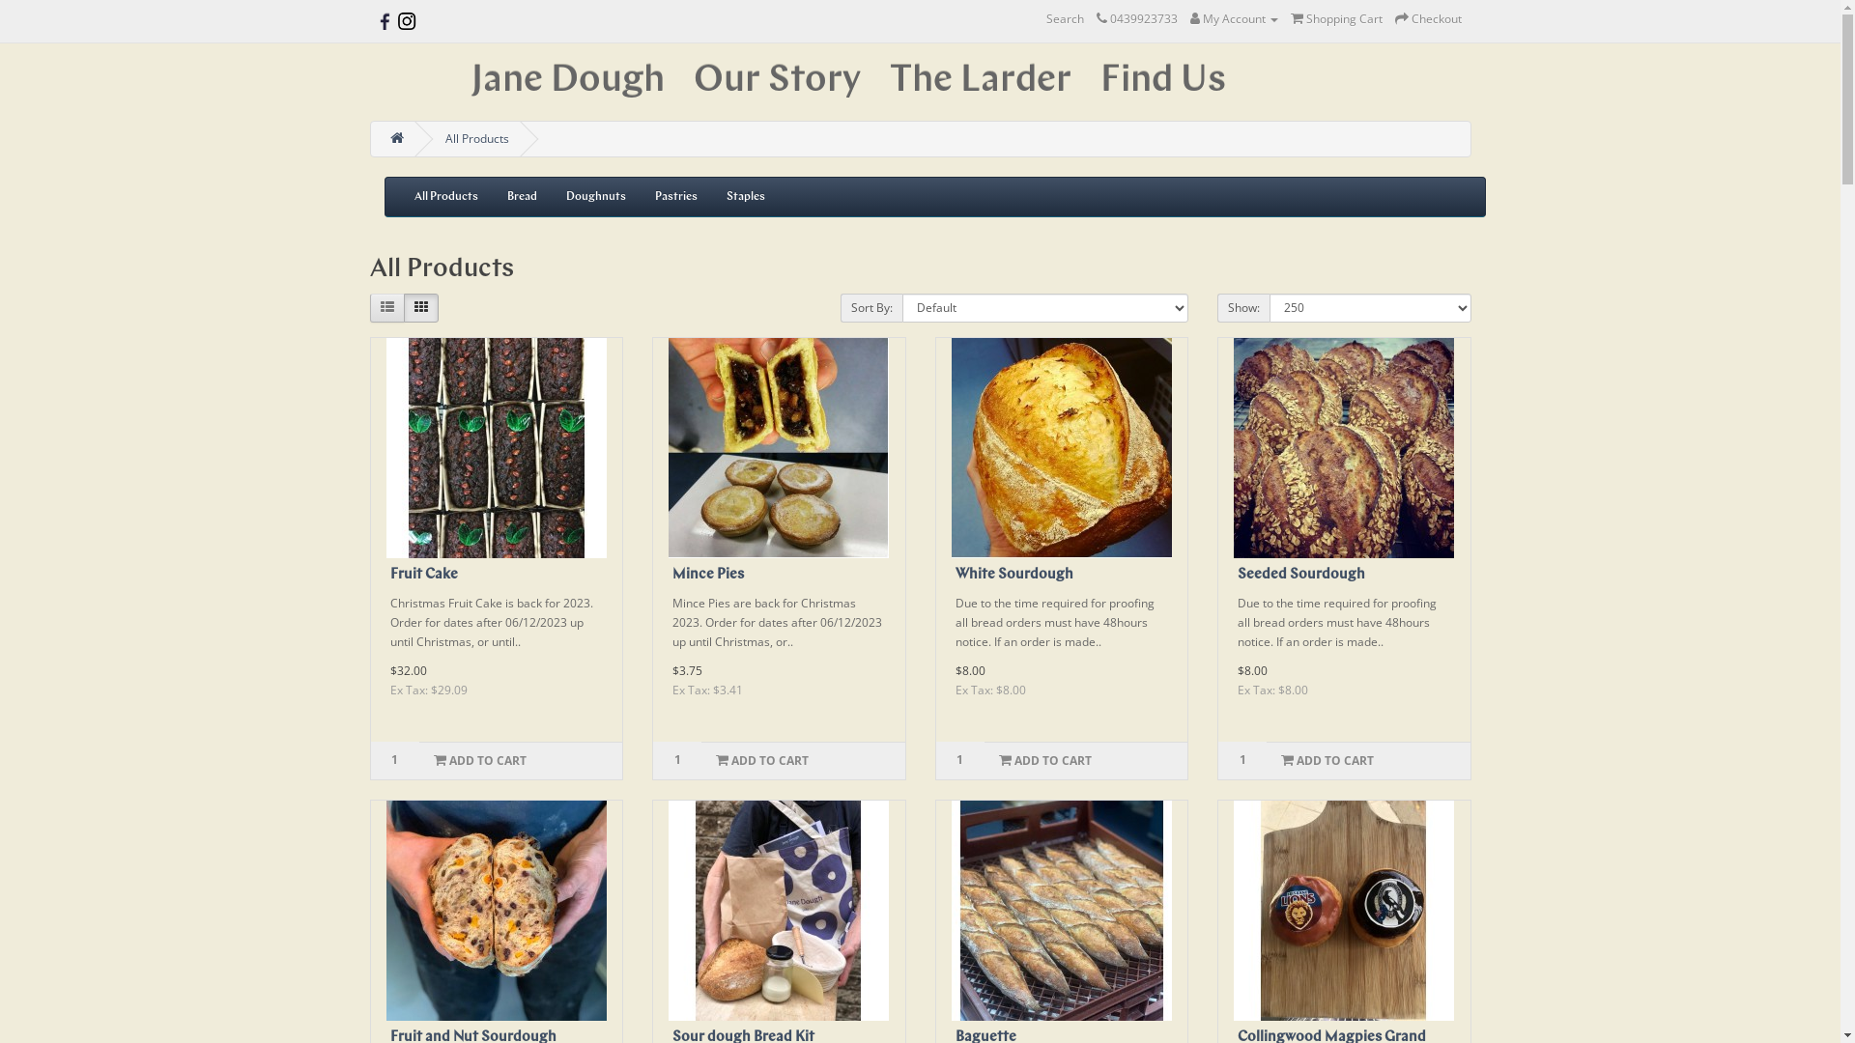 Image resolution: width=1855 pixels, height=1043 pixels. Describe the element at coordinates (444, 197) in the screenshot. I see `'All Products'` at that location.